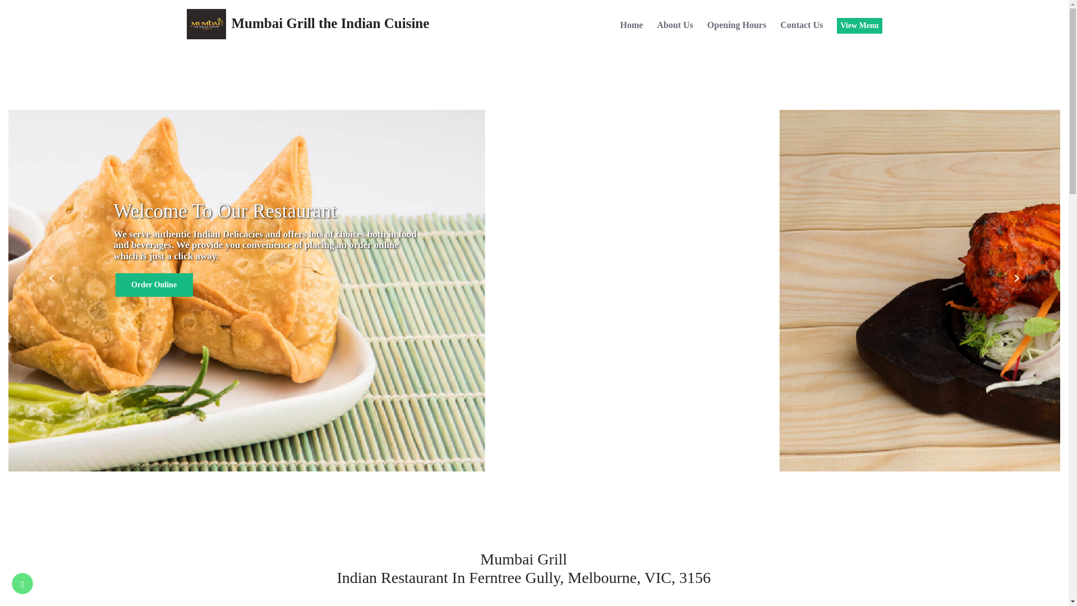 This screenshot has width=1077, height=606. I want to click on 'Order Online', so click(153, 284).